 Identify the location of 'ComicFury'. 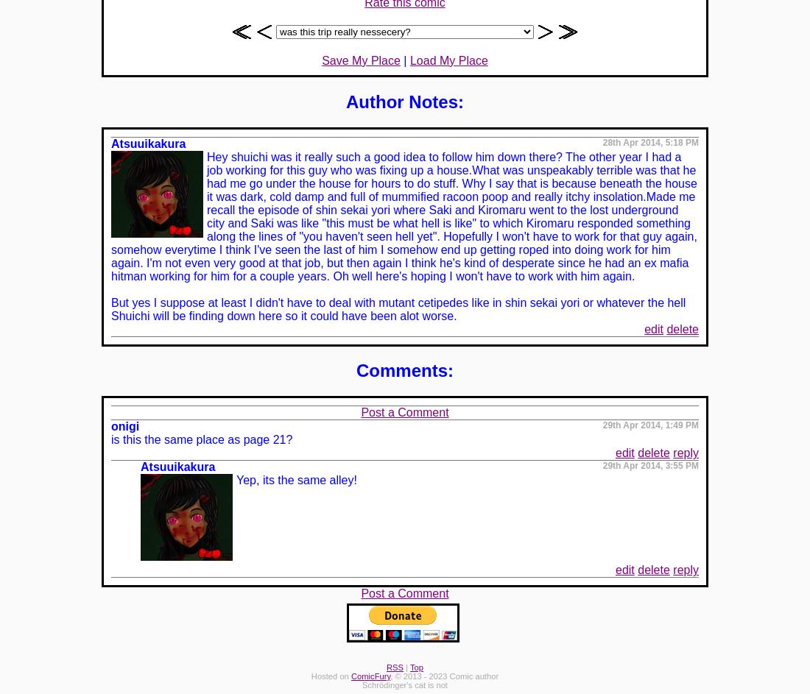
(370, 675).